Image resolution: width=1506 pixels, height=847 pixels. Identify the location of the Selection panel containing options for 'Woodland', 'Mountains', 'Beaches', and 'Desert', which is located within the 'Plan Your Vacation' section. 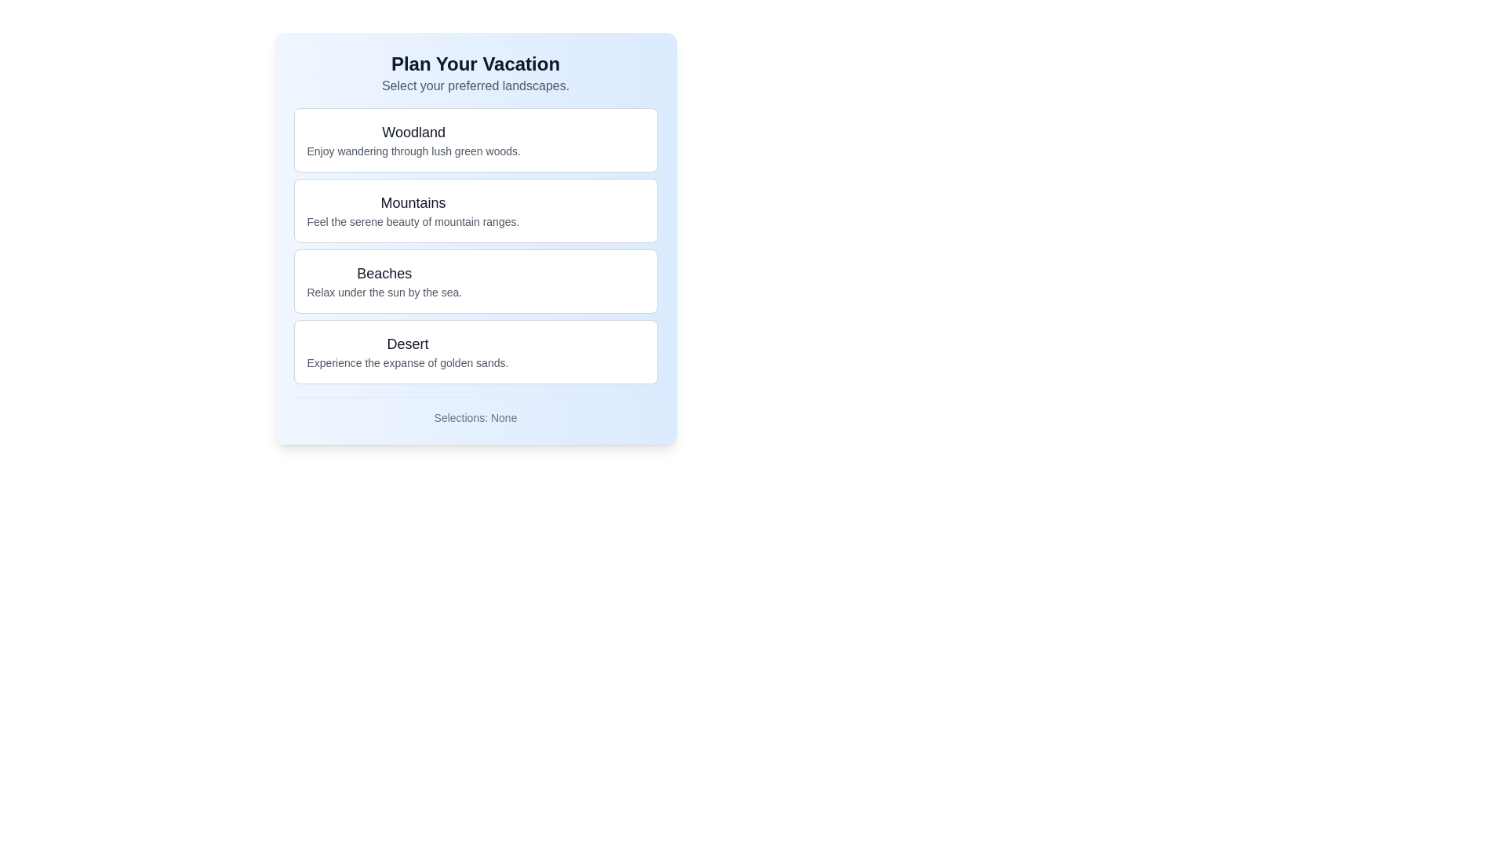
(475, 245).